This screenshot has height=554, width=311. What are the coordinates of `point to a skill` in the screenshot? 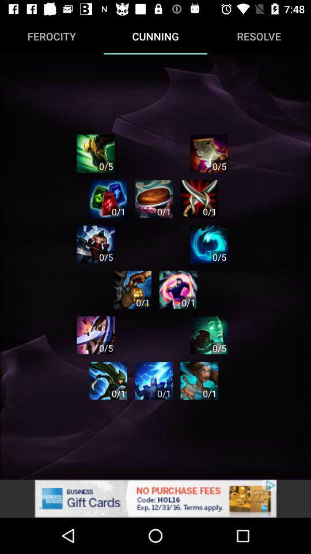 It's located at (208, 244).